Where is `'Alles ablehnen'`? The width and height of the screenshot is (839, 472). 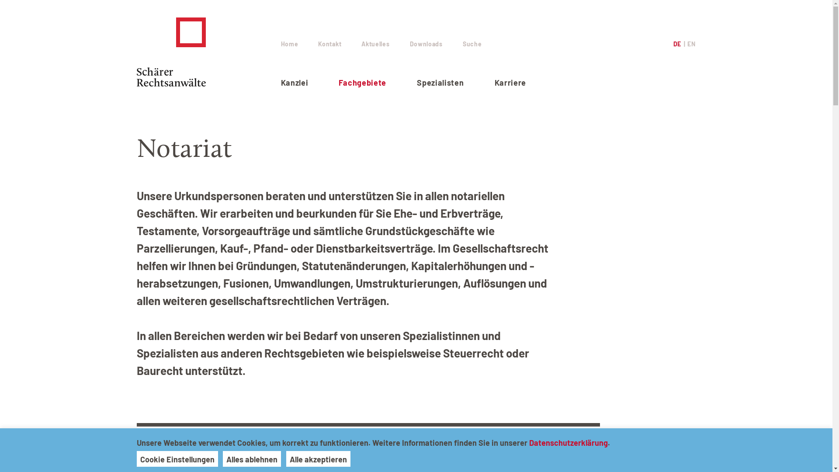
'Alles ablehnen' is located at coordinates (251, 458).